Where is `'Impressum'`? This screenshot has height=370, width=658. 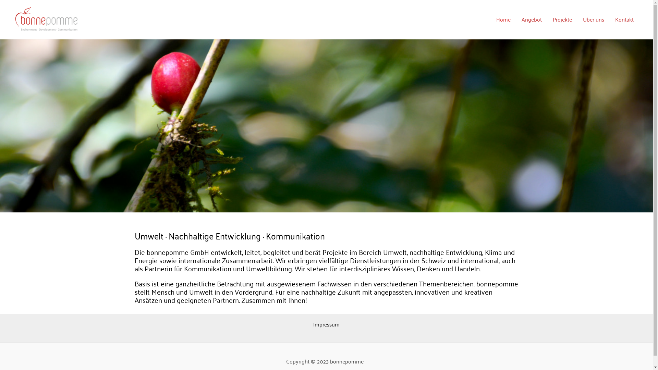 'Impressum' is located at coordinates (313, 324).